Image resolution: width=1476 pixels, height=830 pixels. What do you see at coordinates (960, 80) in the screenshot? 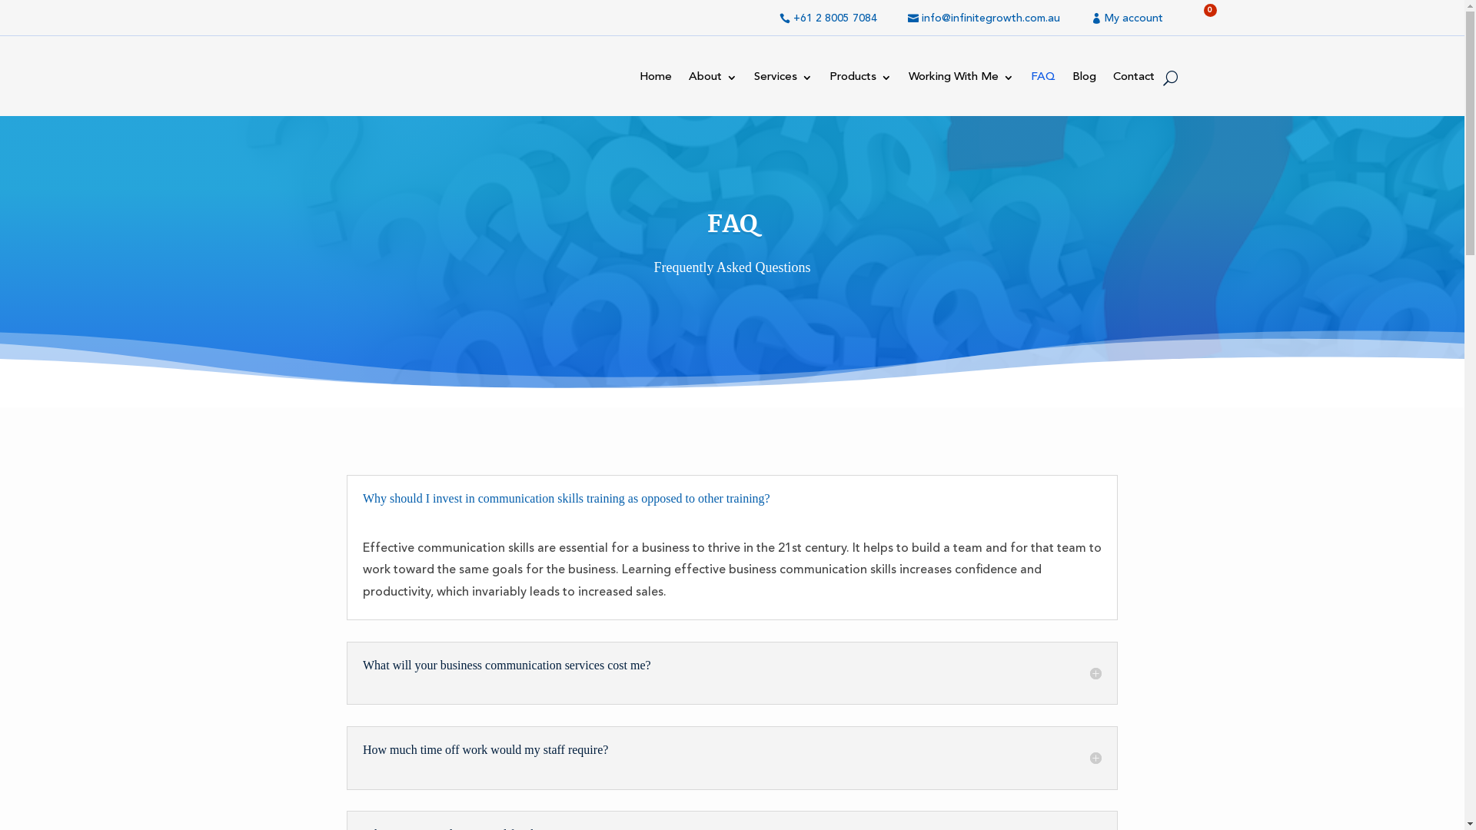
I see `'Working With Me'` at bounding box center [960, 80].